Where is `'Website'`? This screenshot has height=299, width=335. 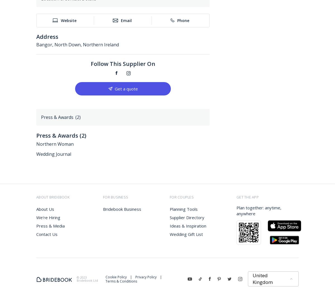 'Website' is located at coordinates (68, 20).